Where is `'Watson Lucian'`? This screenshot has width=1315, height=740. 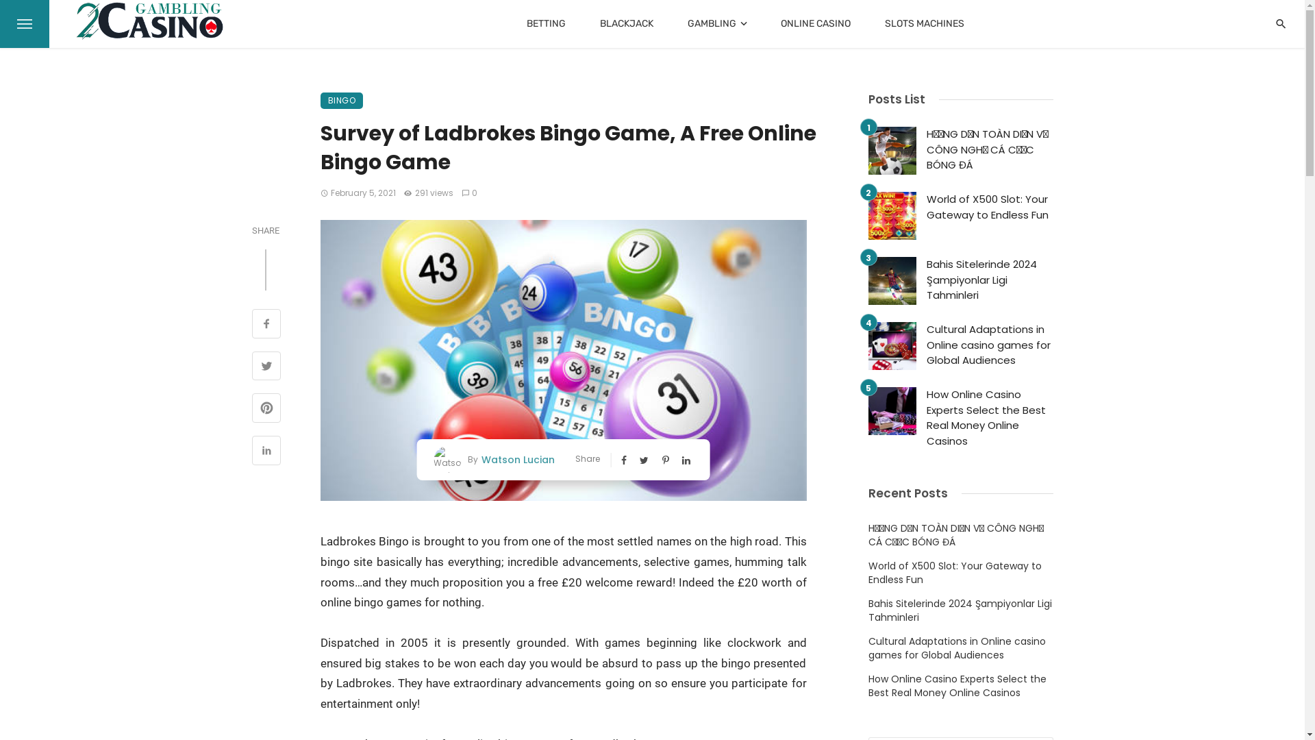 'Watson Lucian' is located at coordinates (515, 459).